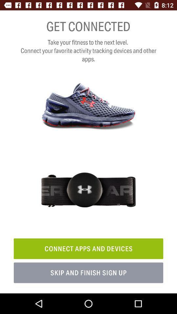 The width and height of the screenshot is (177, 314). What do you see at coordinates (88, 273) in the screenshot?
I see `item below the connect apps and icon` at bounding box center [88, 273].